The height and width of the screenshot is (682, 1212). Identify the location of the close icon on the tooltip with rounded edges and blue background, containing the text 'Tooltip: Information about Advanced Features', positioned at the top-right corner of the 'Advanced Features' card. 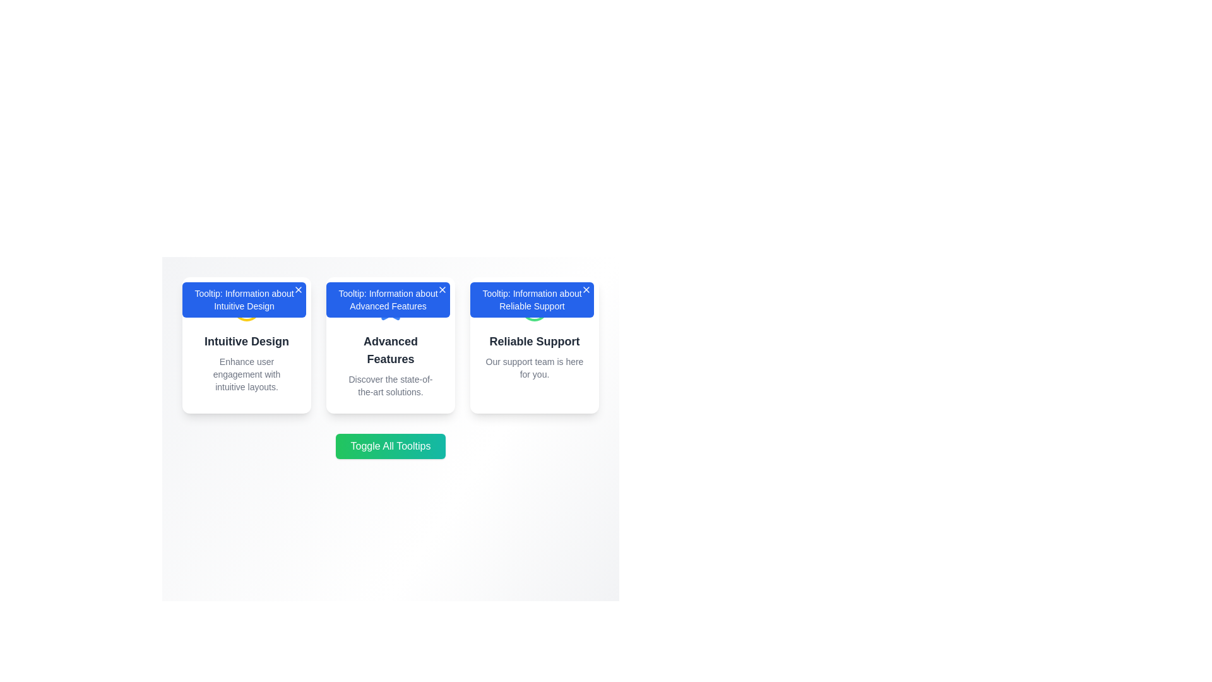
(387, 299).